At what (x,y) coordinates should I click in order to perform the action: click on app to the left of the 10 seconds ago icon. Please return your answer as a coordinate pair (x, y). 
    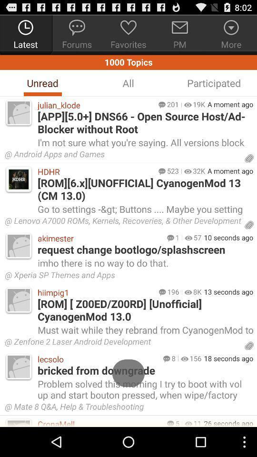
    Looking at the image, I should click on (197, 237).